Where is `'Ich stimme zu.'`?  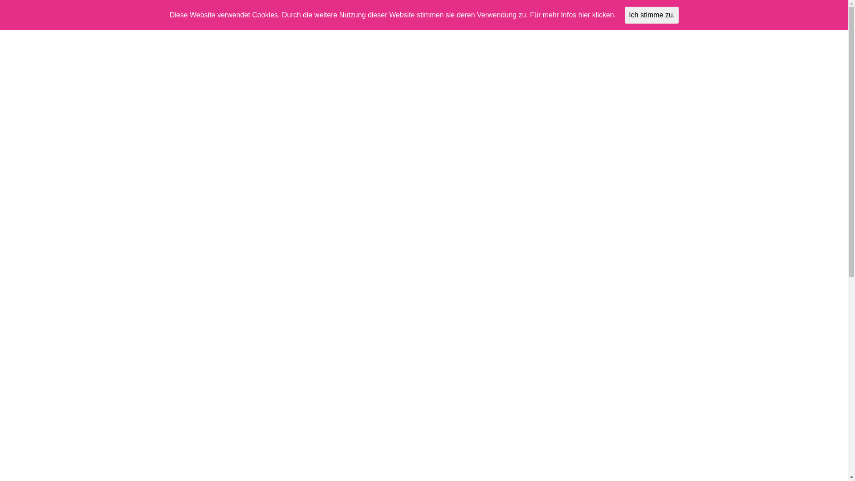
'Ich stimme zu.' is located at coordinates (624, 15).